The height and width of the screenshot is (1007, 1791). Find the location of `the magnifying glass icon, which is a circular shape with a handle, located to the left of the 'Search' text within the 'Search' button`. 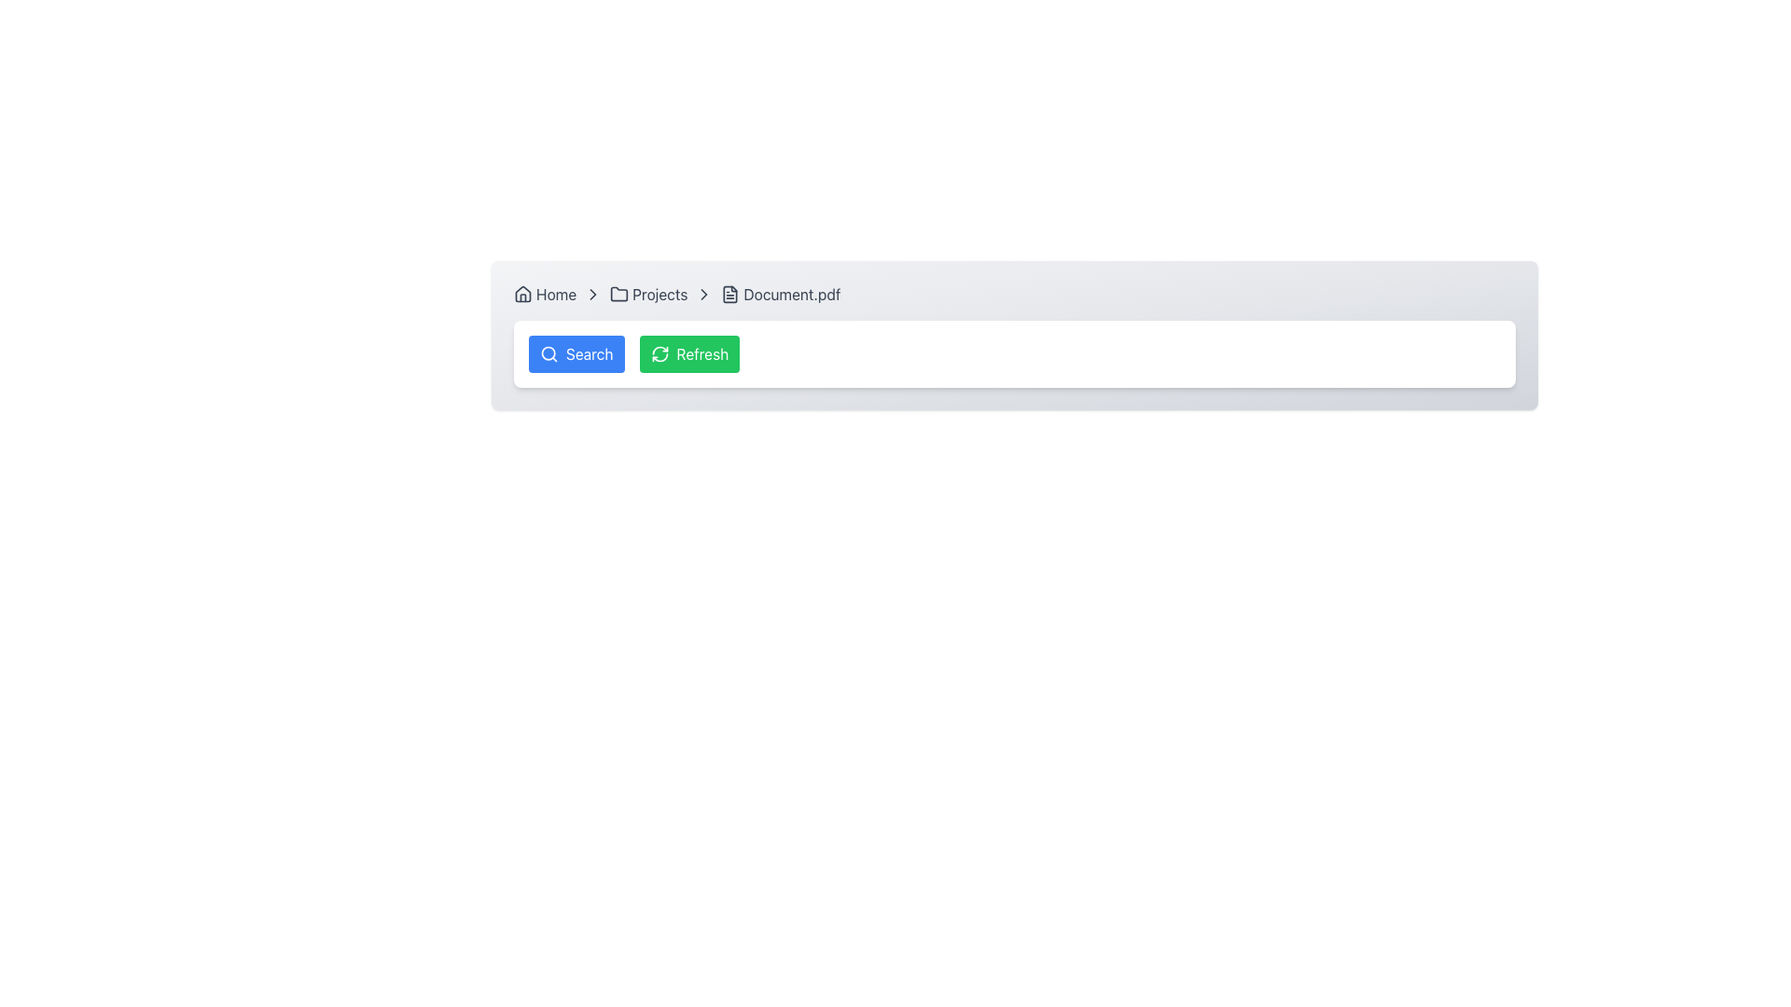

the magnifying glass icon, which is a circular shape with a handle, located to the left of the 'Search' text within the 'Search' button is located at coordinates (548, 354).